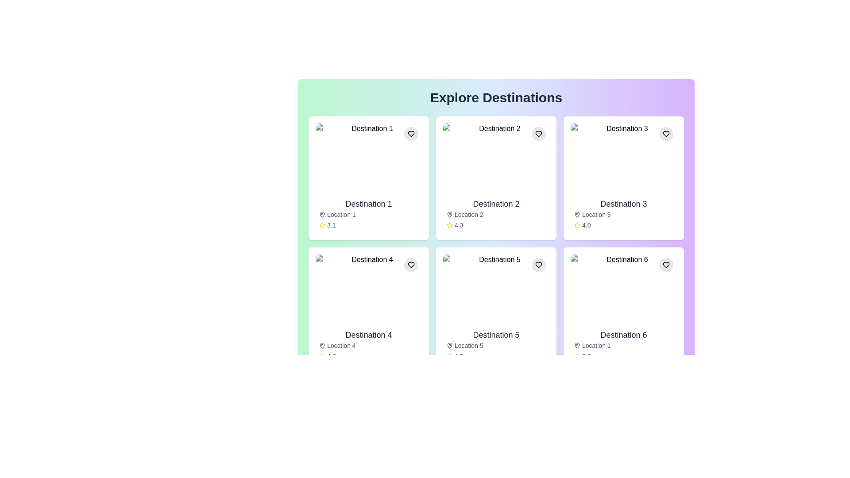  Describe the element at coordinates (369, 335) in the screenshot. I see `the text label 'Destination 4', which is styled with a large, bold font and gray color, located in the second row, first column of a grid layout` at that location.